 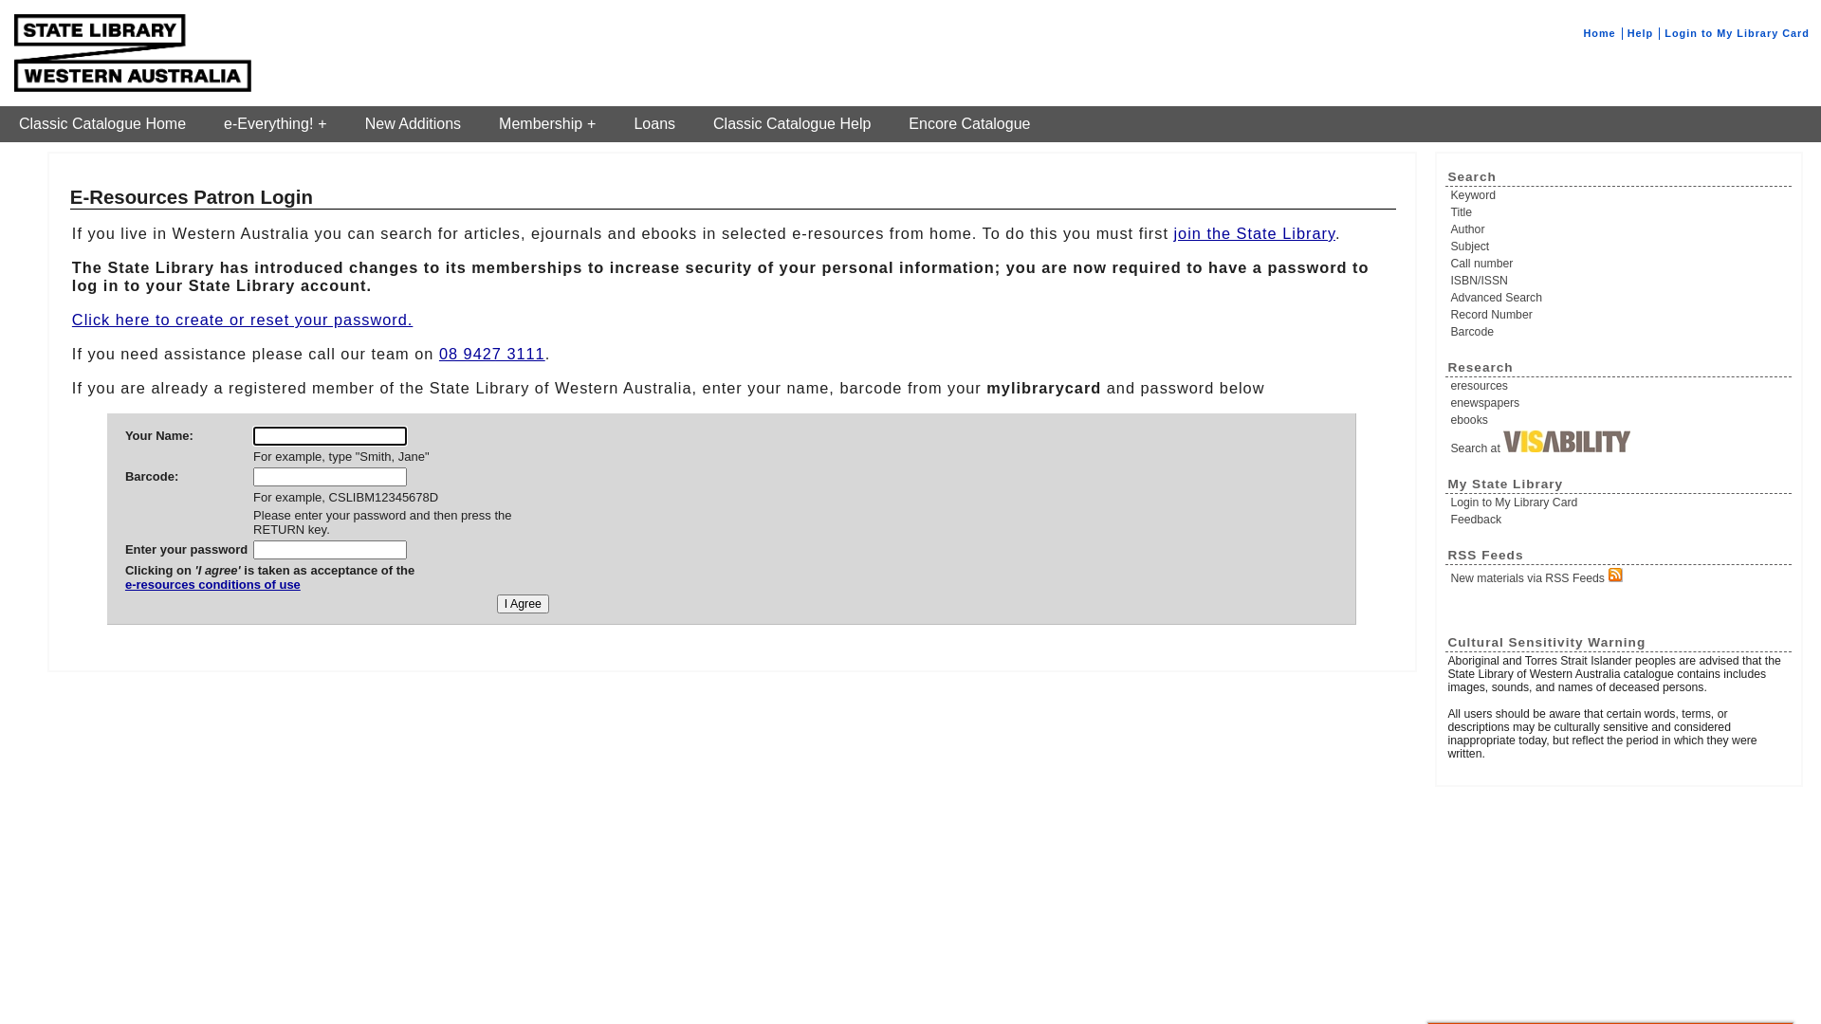 What do you see at coordinates (1639, 32) in the screenshot?
I see `'Help'` at bounding box center [1639, 32].